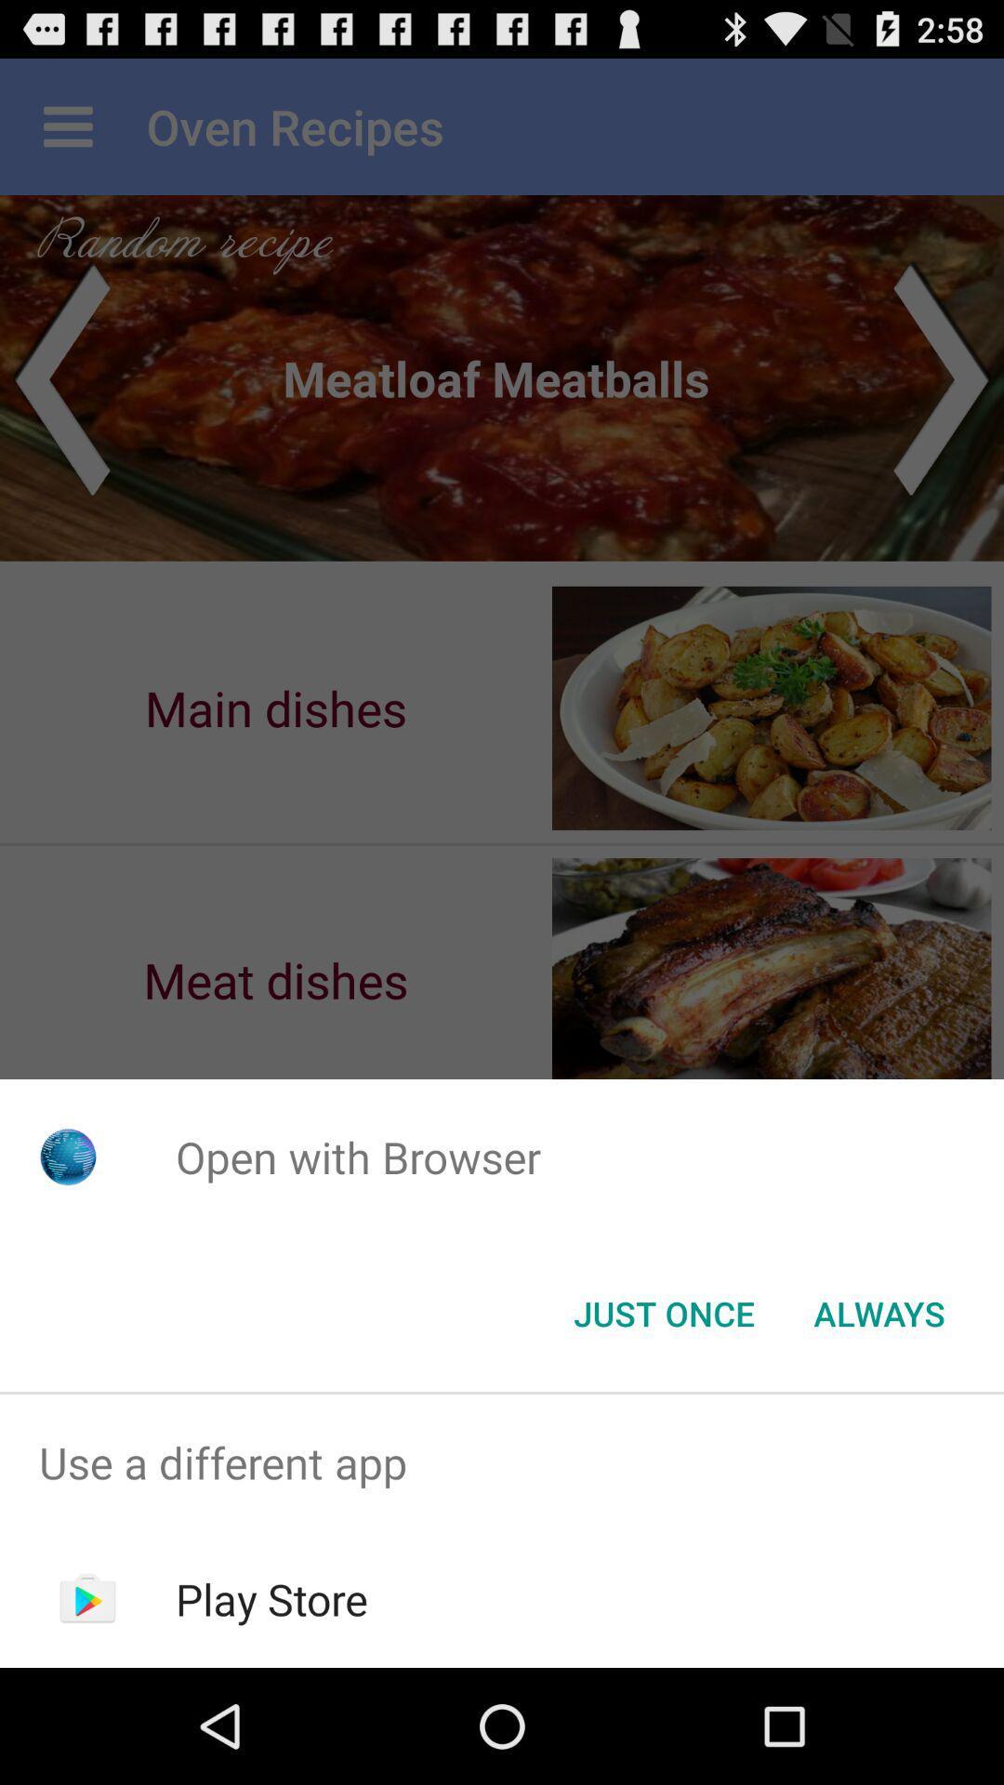 This screenshot has height=1785, width=1004. What do you see at coordinates (663, 1312) in the screenshot?
I see `the item next to always` at bounding box center [663, 1312].